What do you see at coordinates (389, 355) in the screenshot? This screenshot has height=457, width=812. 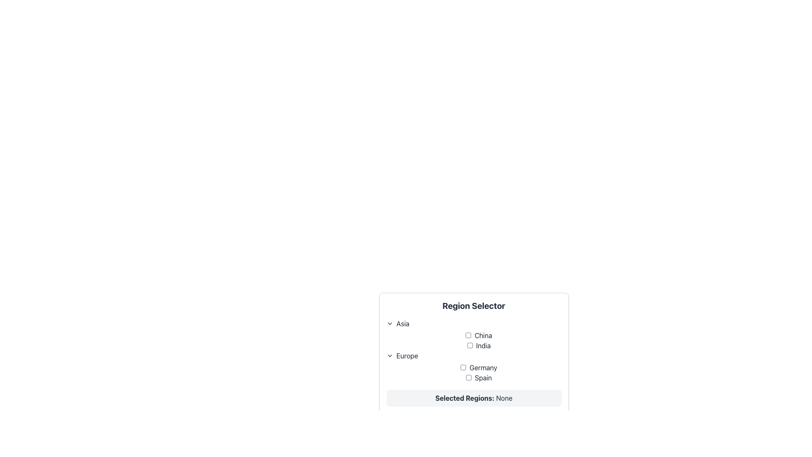 I see `the chevron icon located immediately to the left of the 'Europe' label` at bounding box center [389, 355].